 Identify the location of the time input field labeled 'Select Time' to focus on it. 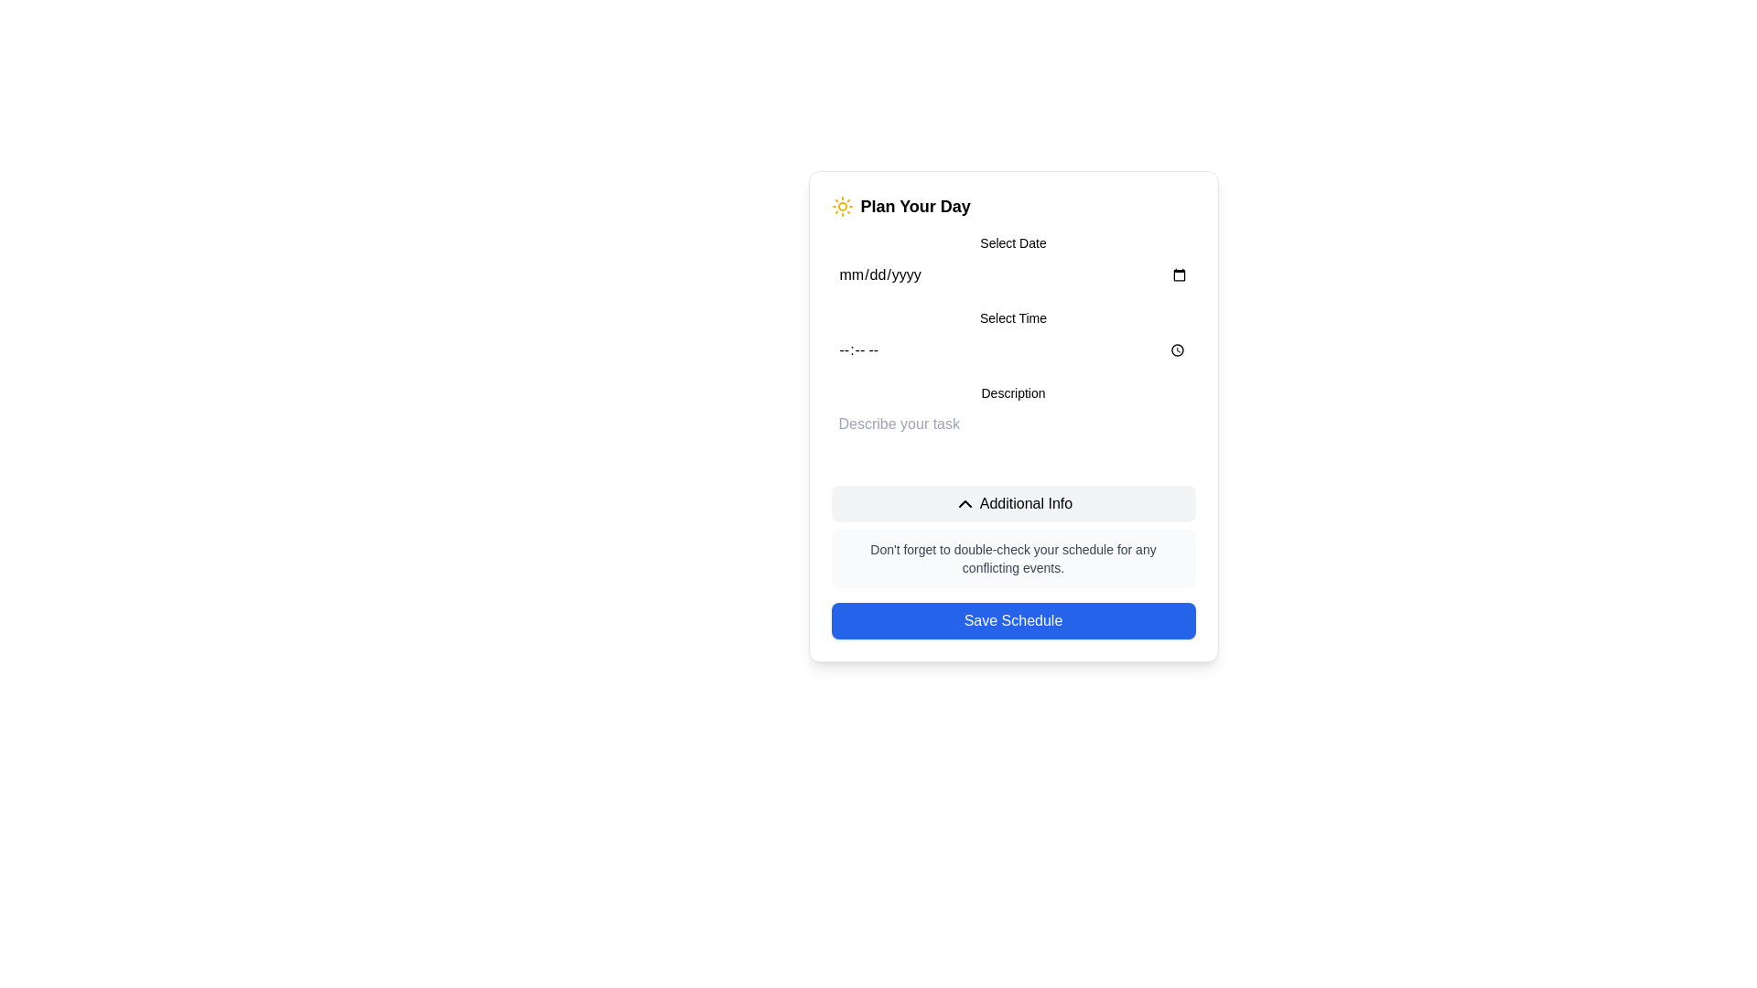
(1012, 338).